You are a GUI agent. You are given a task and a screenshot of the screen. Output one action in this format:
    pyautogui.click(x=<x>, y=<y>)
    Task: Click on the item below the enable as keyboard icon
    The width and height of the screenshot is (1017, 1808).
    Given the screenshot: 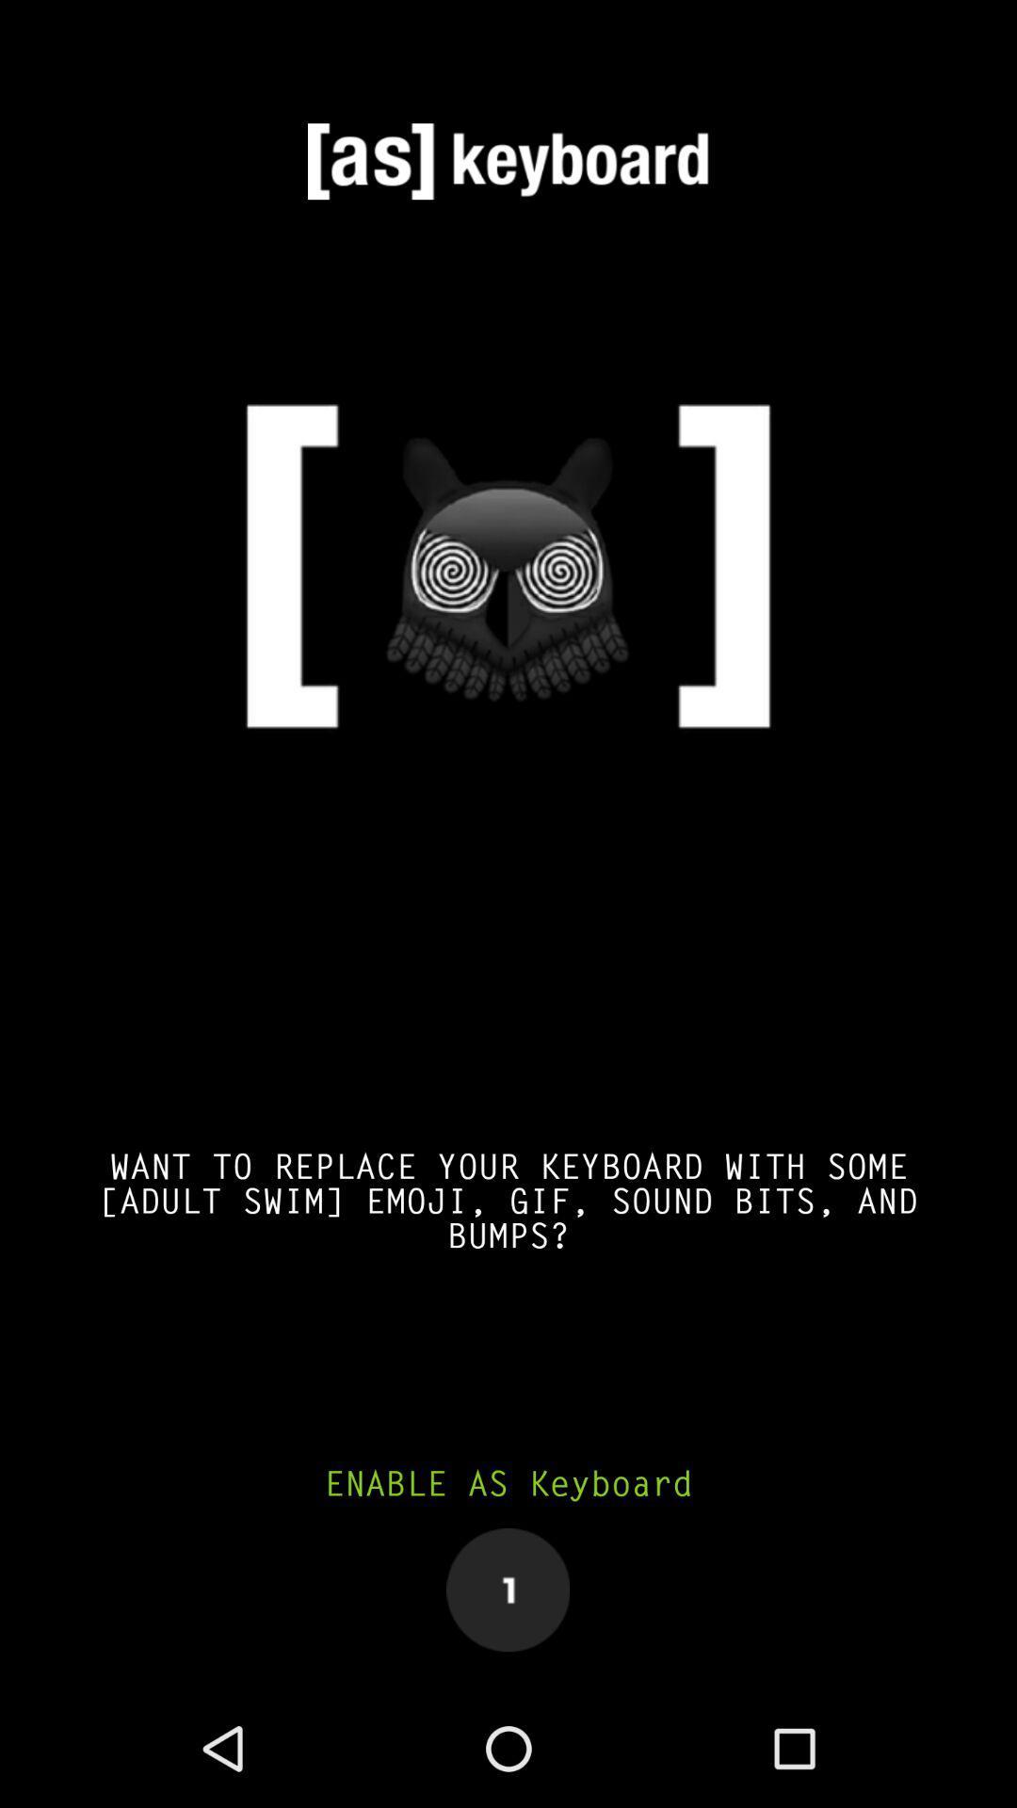 What is the action you would take?
    pyautogui.click(x=508, y=1589)
    